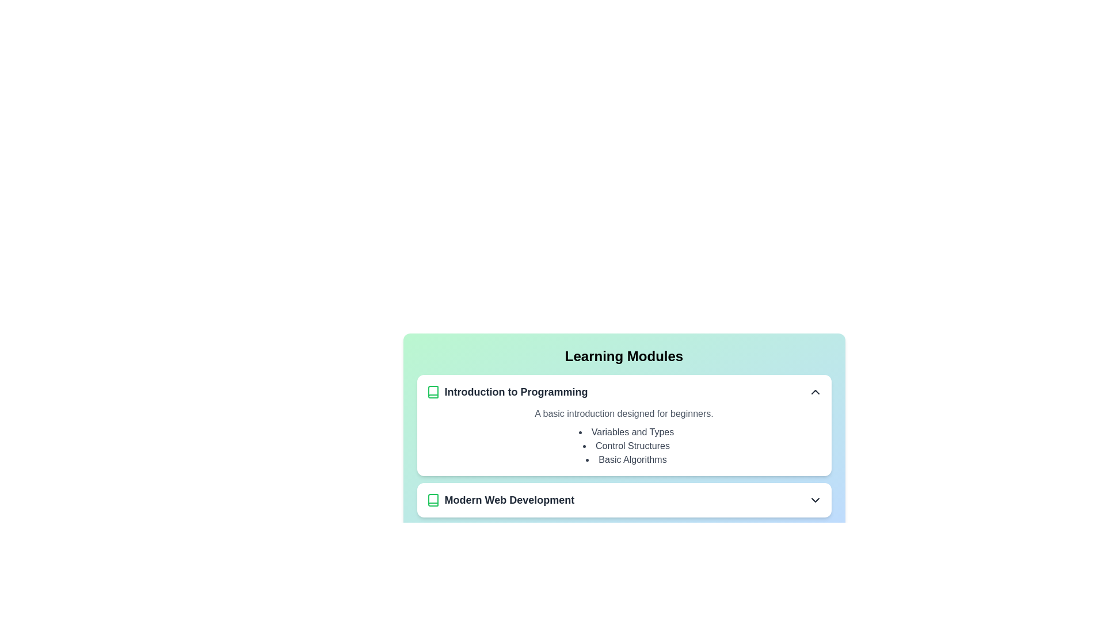  What do you see at coordinates (623, 414) in the screenshot?
I see `the text describing the 'Introduction to Programming' module, which provides a brief overview of the content and is located directly below the section title` at bounding box center [623, 414].